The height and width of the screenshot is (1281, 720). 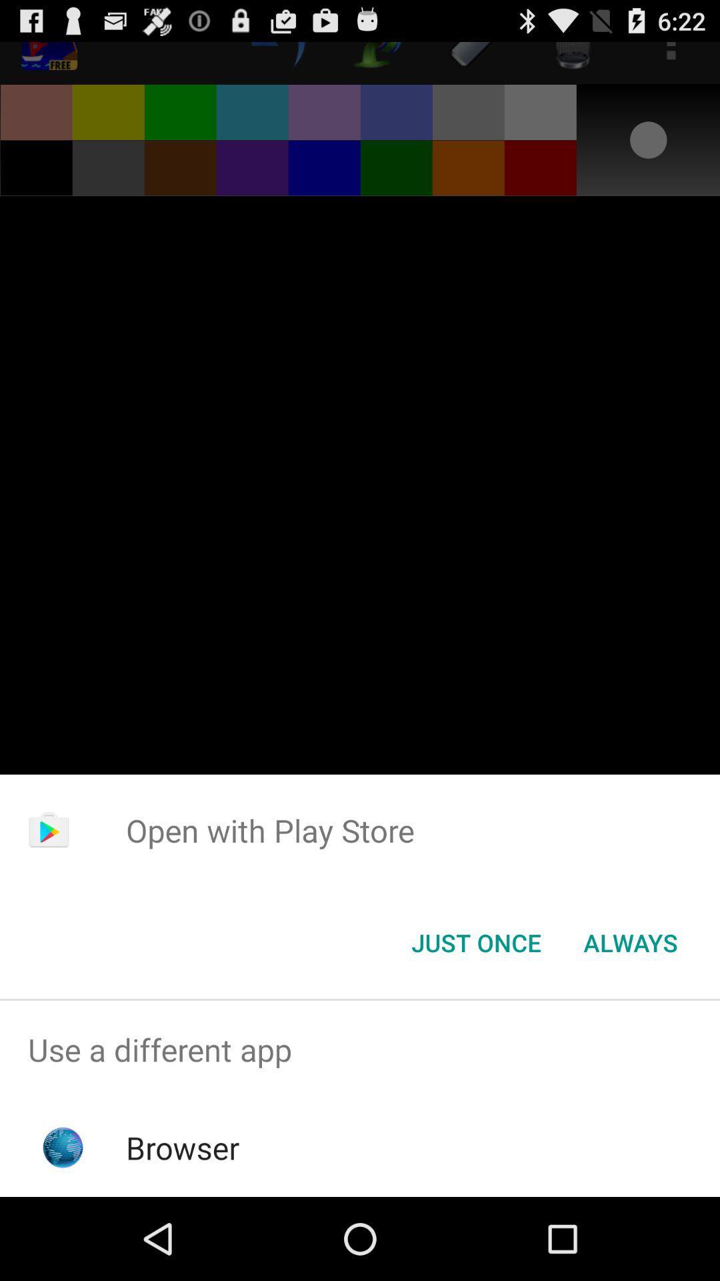 What do you see at coordinates (475, 941) in the screenshot?
I see `icon next to always icon` at bounding box center [475, 941].